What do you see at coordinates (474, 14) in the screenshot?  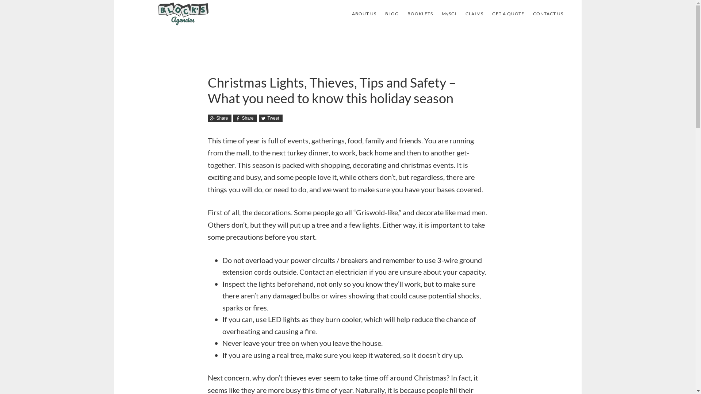 I see `'CLAIMS'` at bounding box center [474, 14].